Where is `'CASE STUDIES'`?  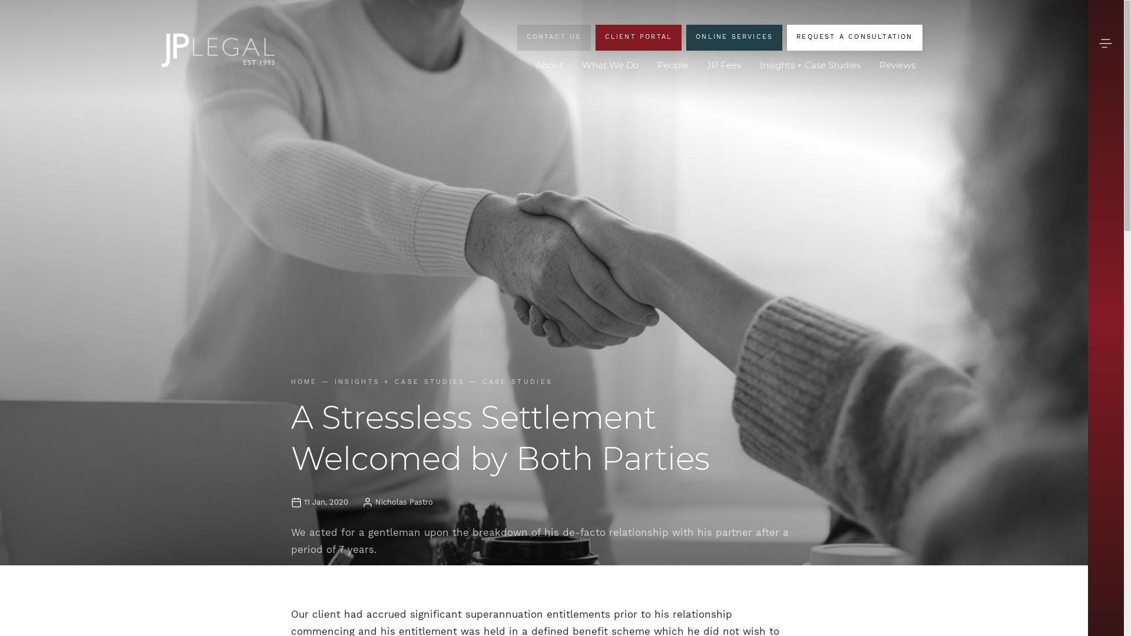 'CASE STUDIES' is located at coordinates (517, 382).